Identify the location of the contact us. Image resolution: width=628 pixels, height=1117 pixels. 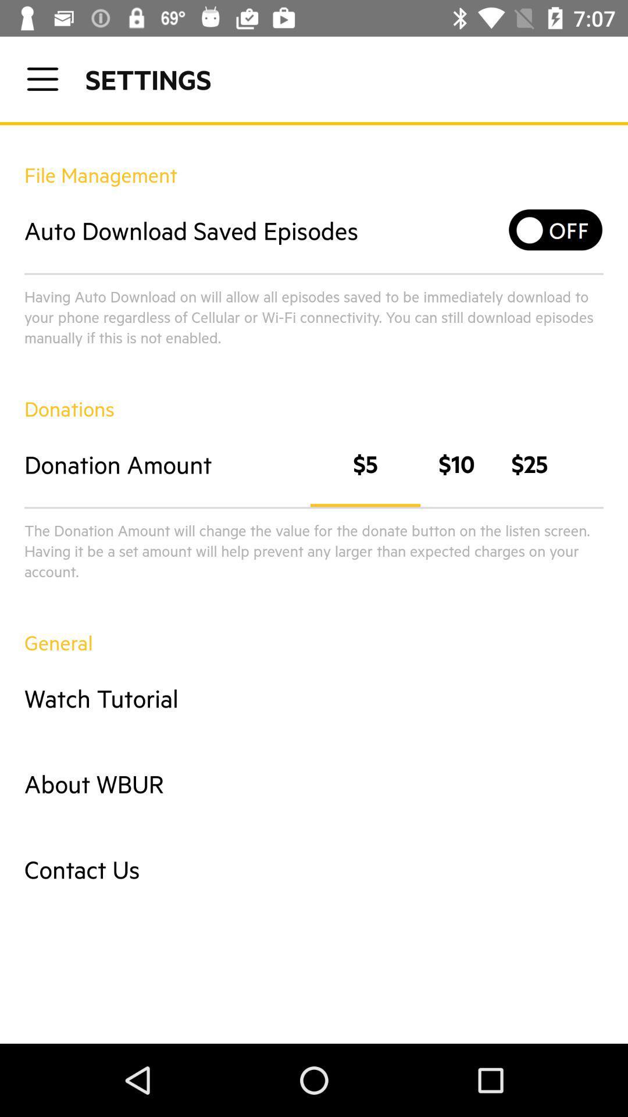
(314, 869).